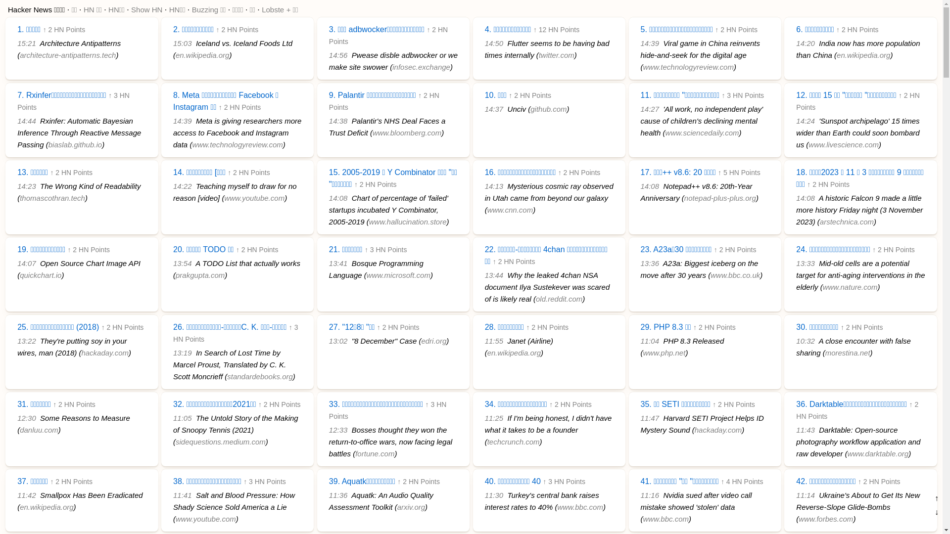  Describe the element at coordinates (261, 9) in the screenshot. I see `'Lobste'` at that location.